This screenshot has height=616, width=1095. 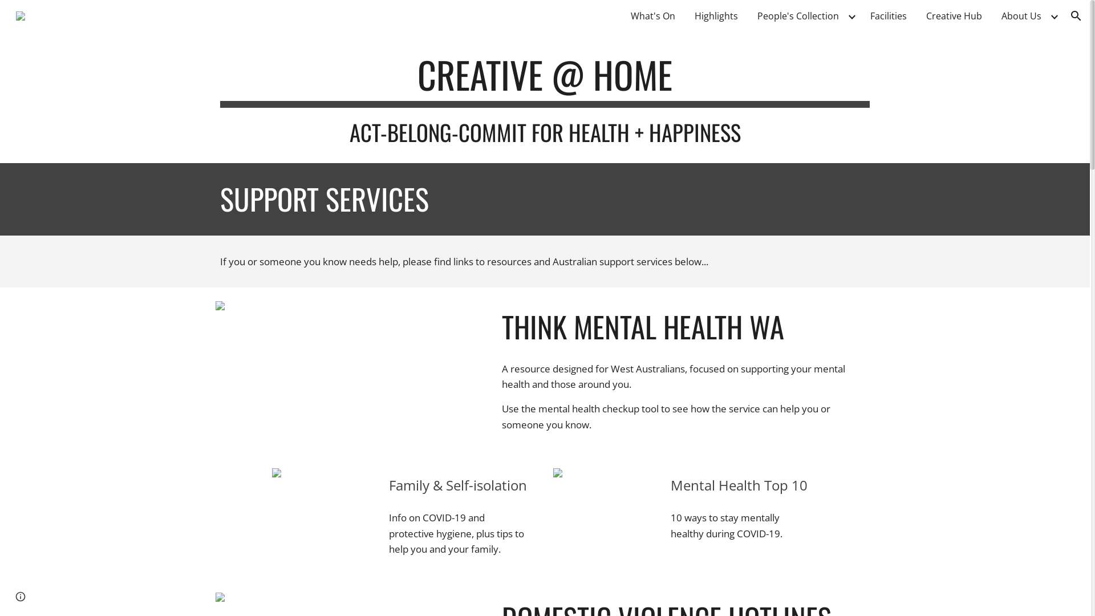 I want to click on 'Facilities', so click(x=888, y=15).